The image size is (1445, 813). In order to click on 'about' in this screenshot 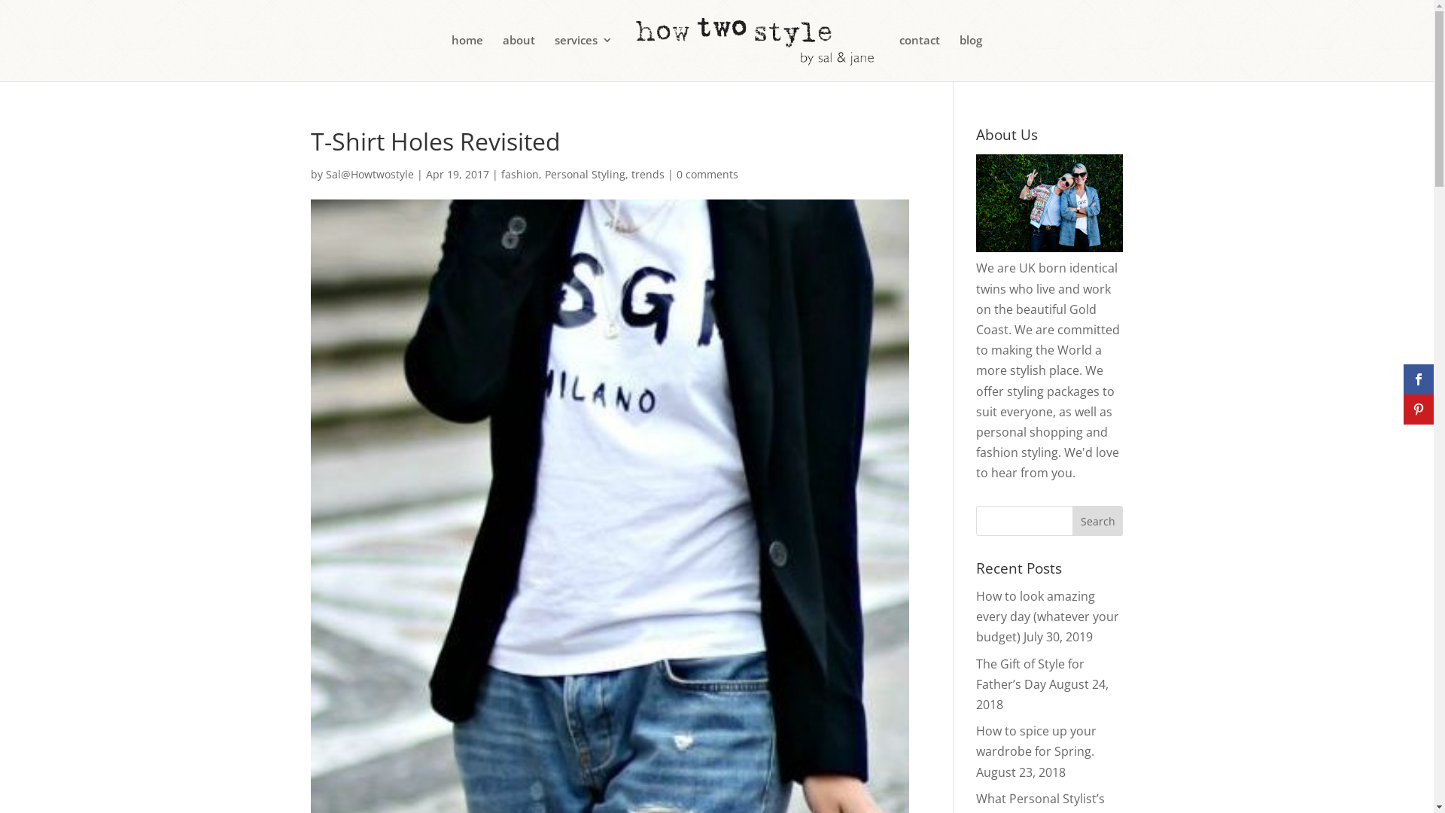, I will do `click(519, 55)`.